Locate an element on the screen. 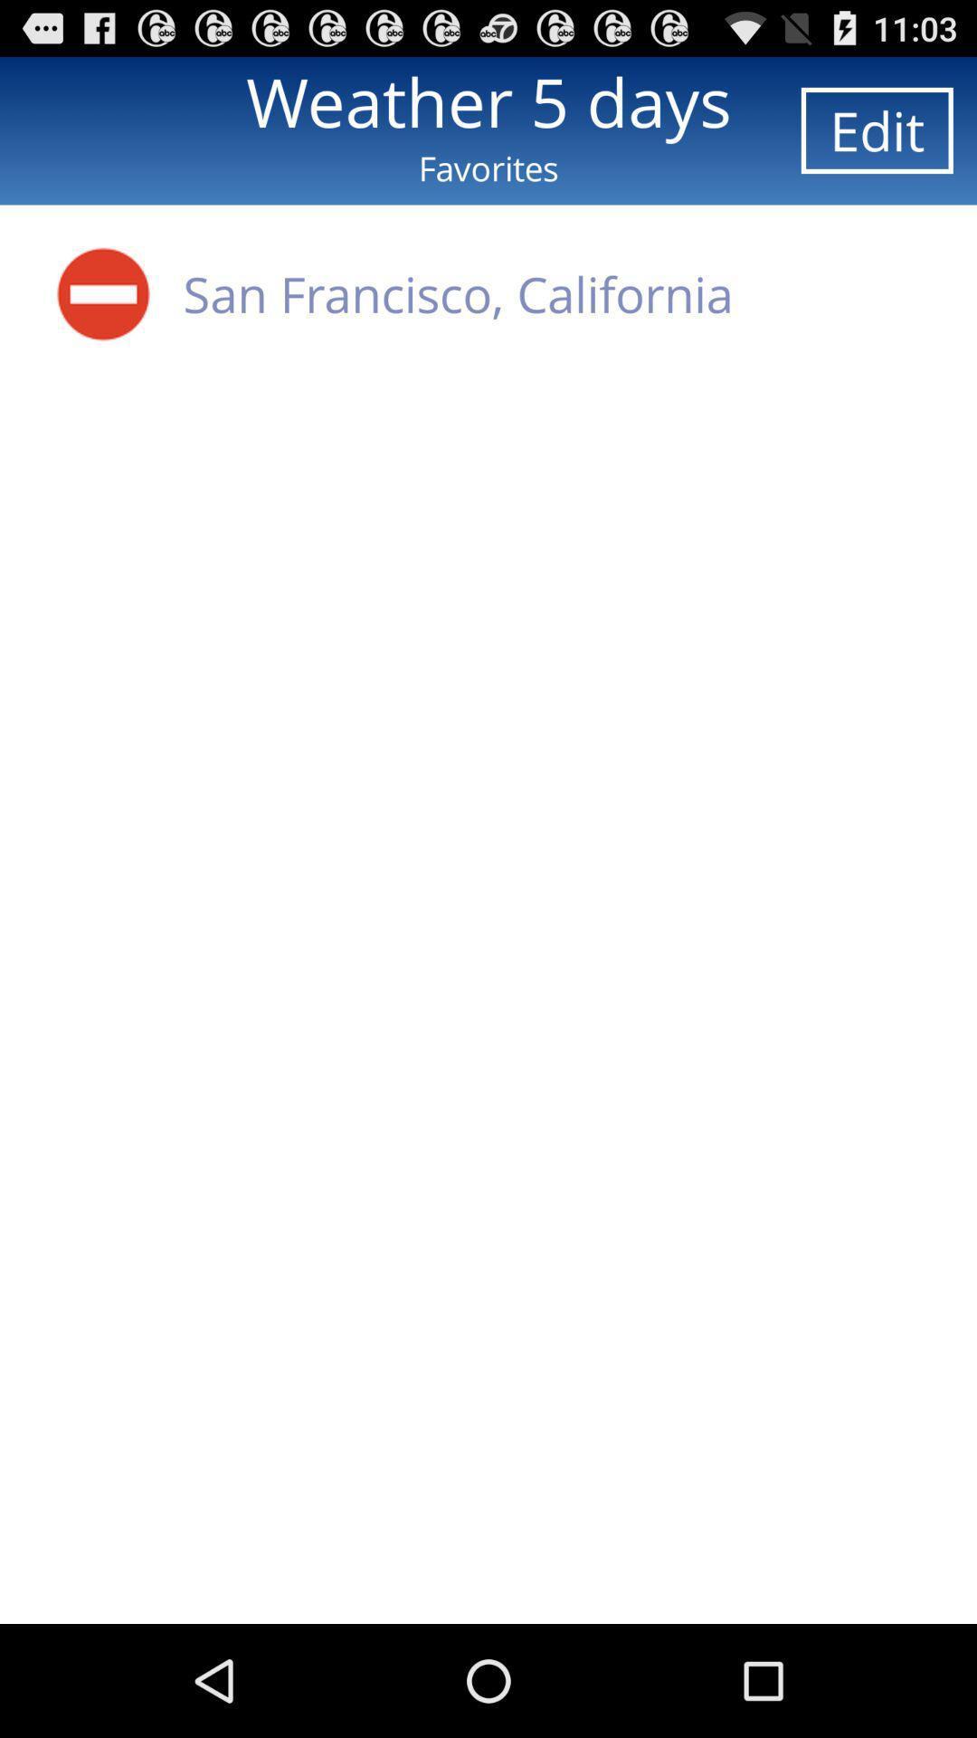 This screenshot has width=977, height=1738. the aa is located at coordinates (103, 293).